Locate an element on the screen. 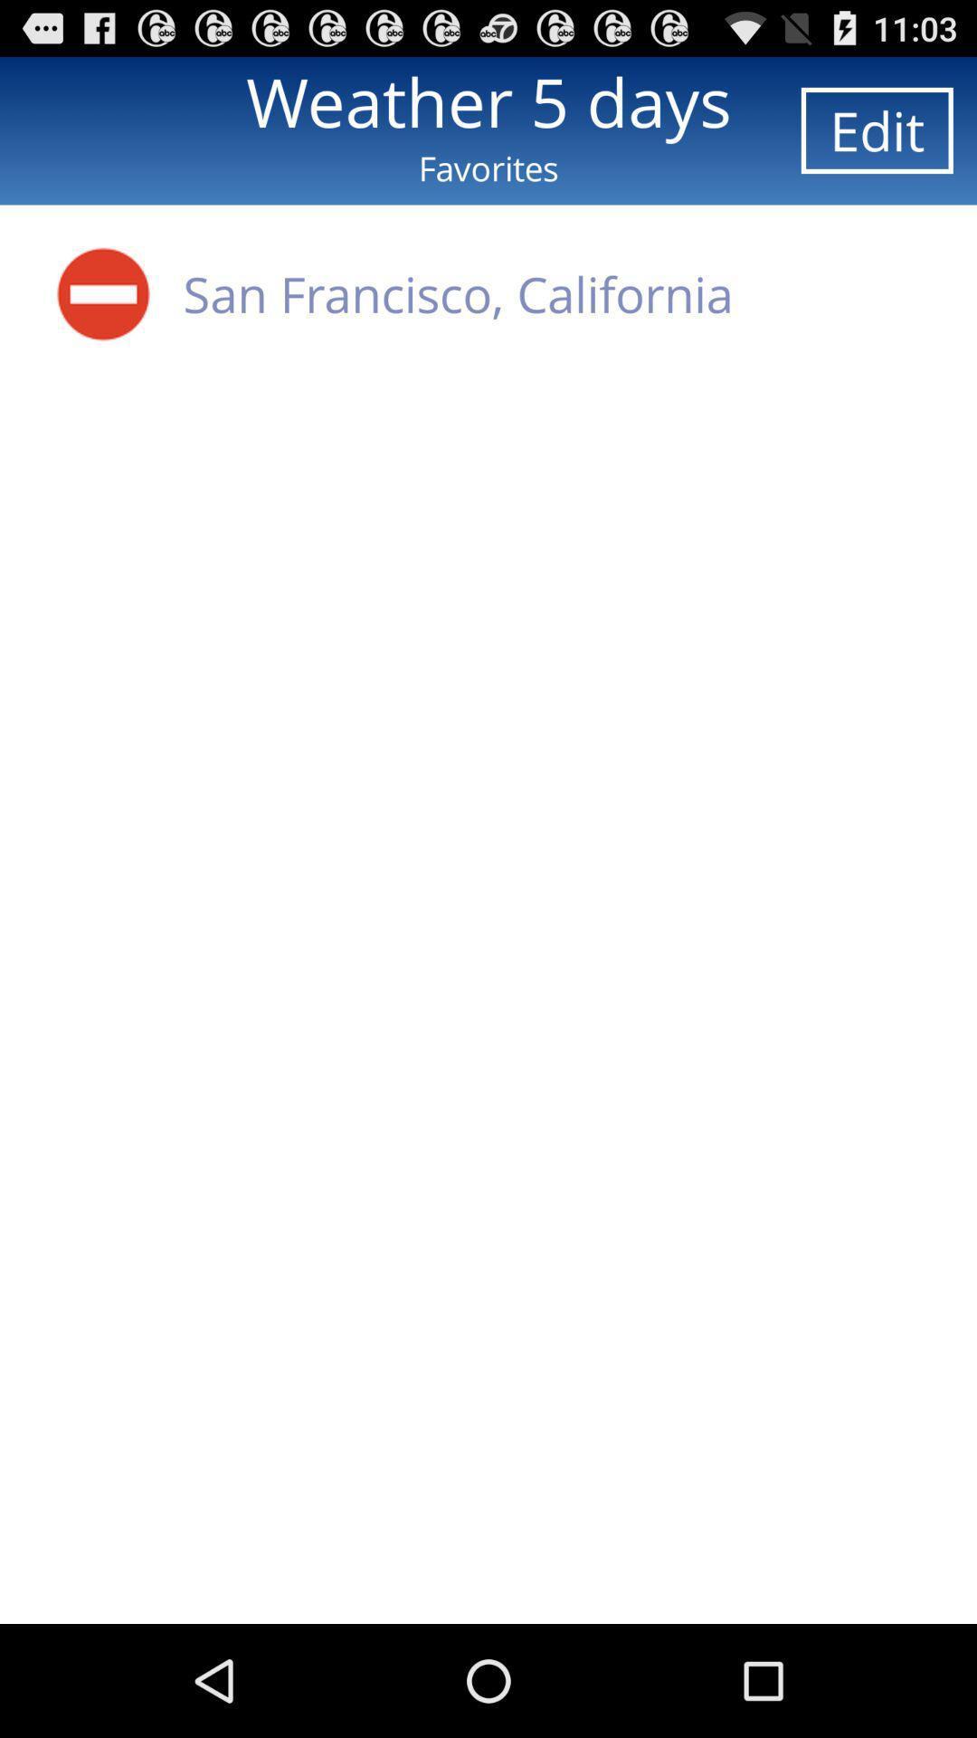 This screenshot has width=977, height=1738. the aa is located at coordinates (103, 293).